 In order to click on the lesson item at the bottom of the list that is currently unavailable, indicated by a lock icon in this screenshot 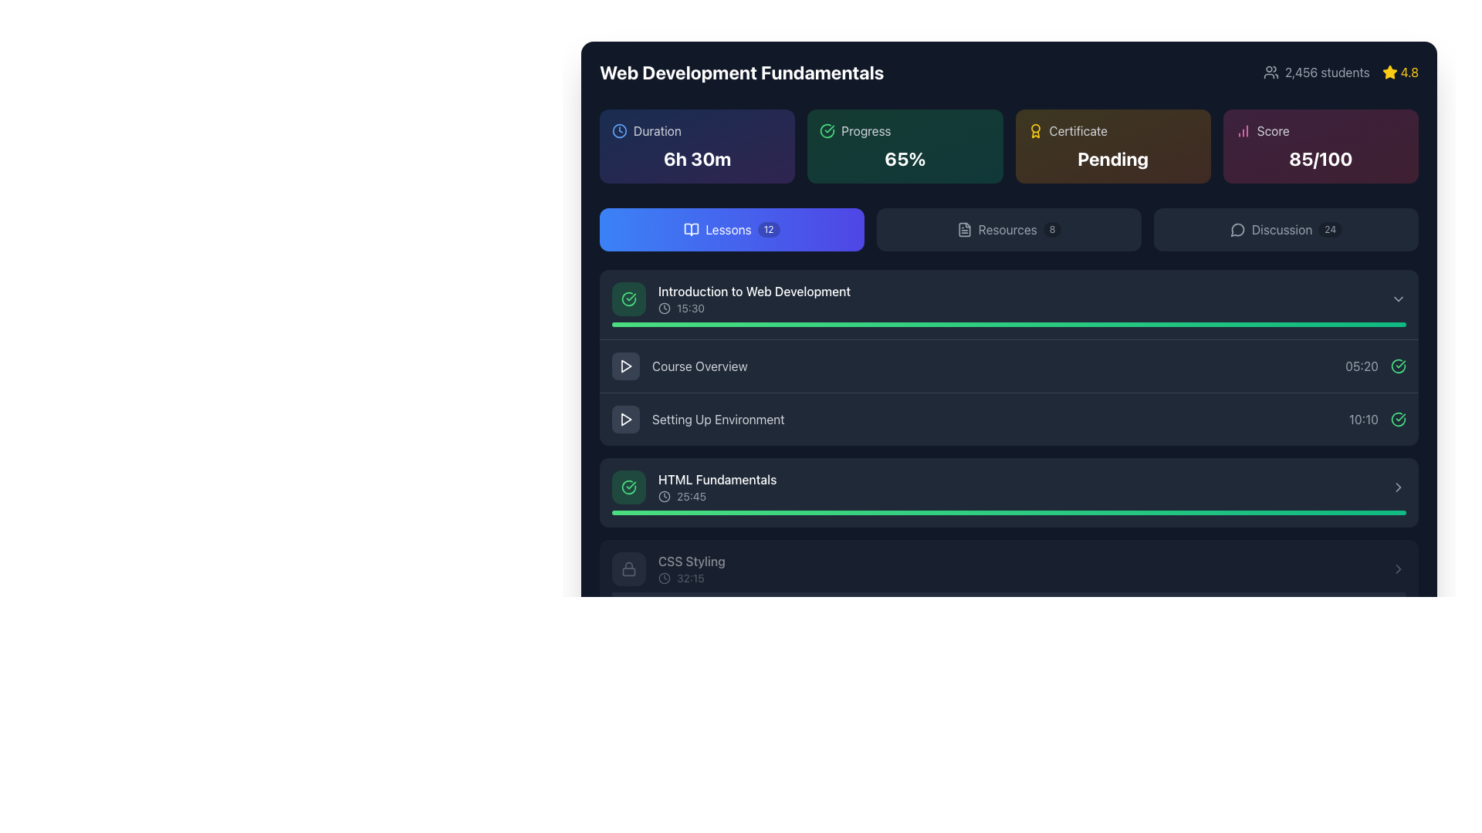, I will do `click(668, 568)`.